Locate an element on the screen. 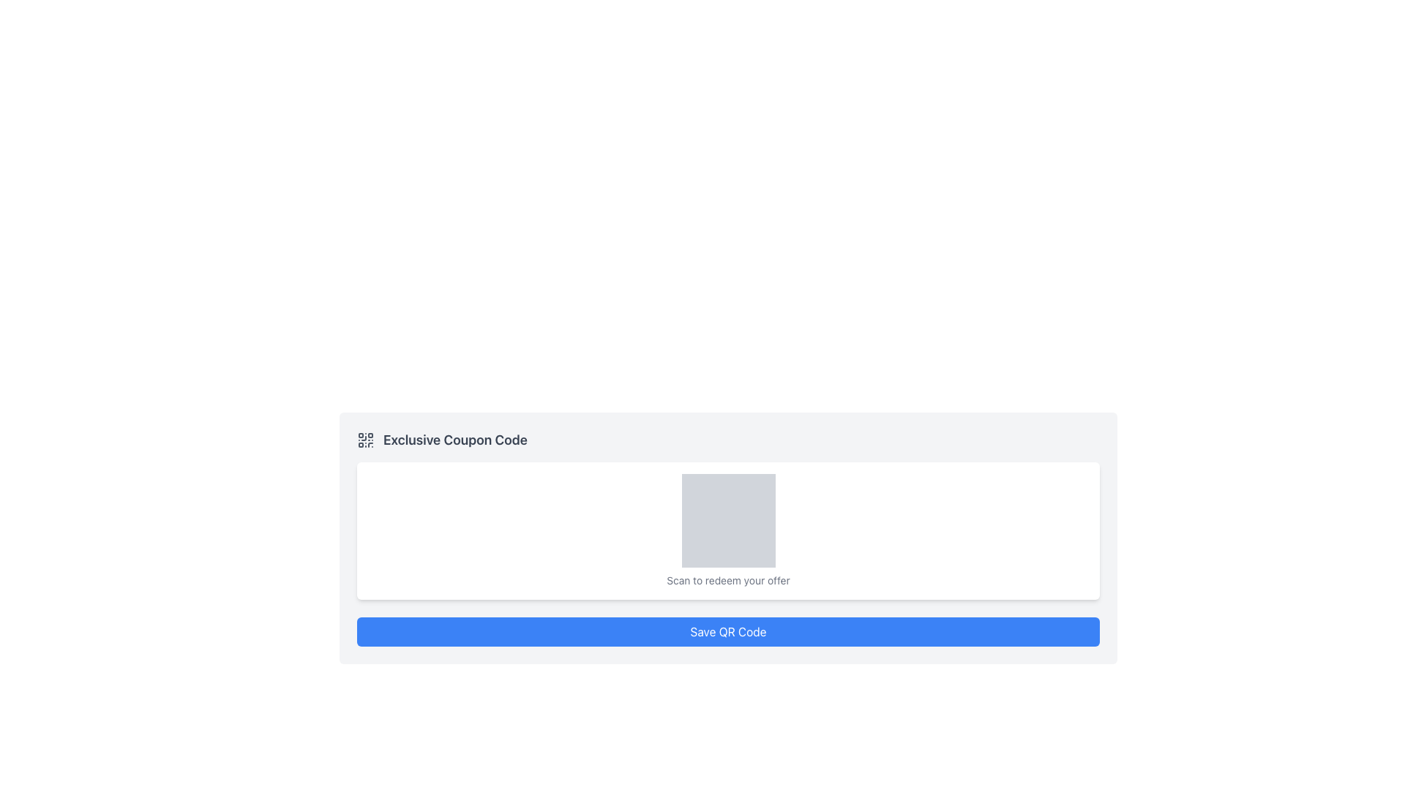 The height and width of the screenshot is (790, 1405). the Text Label located to the right of the small QR code icon, which serves as a heading or label in the upper left corner of a card-like structure is located at coordinates (454, 439).